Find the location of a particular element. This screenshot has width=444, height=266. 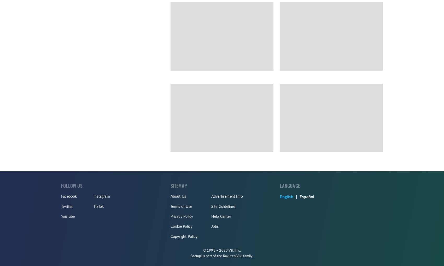

'Cookie Policy' is located at coordinates (170, 226).